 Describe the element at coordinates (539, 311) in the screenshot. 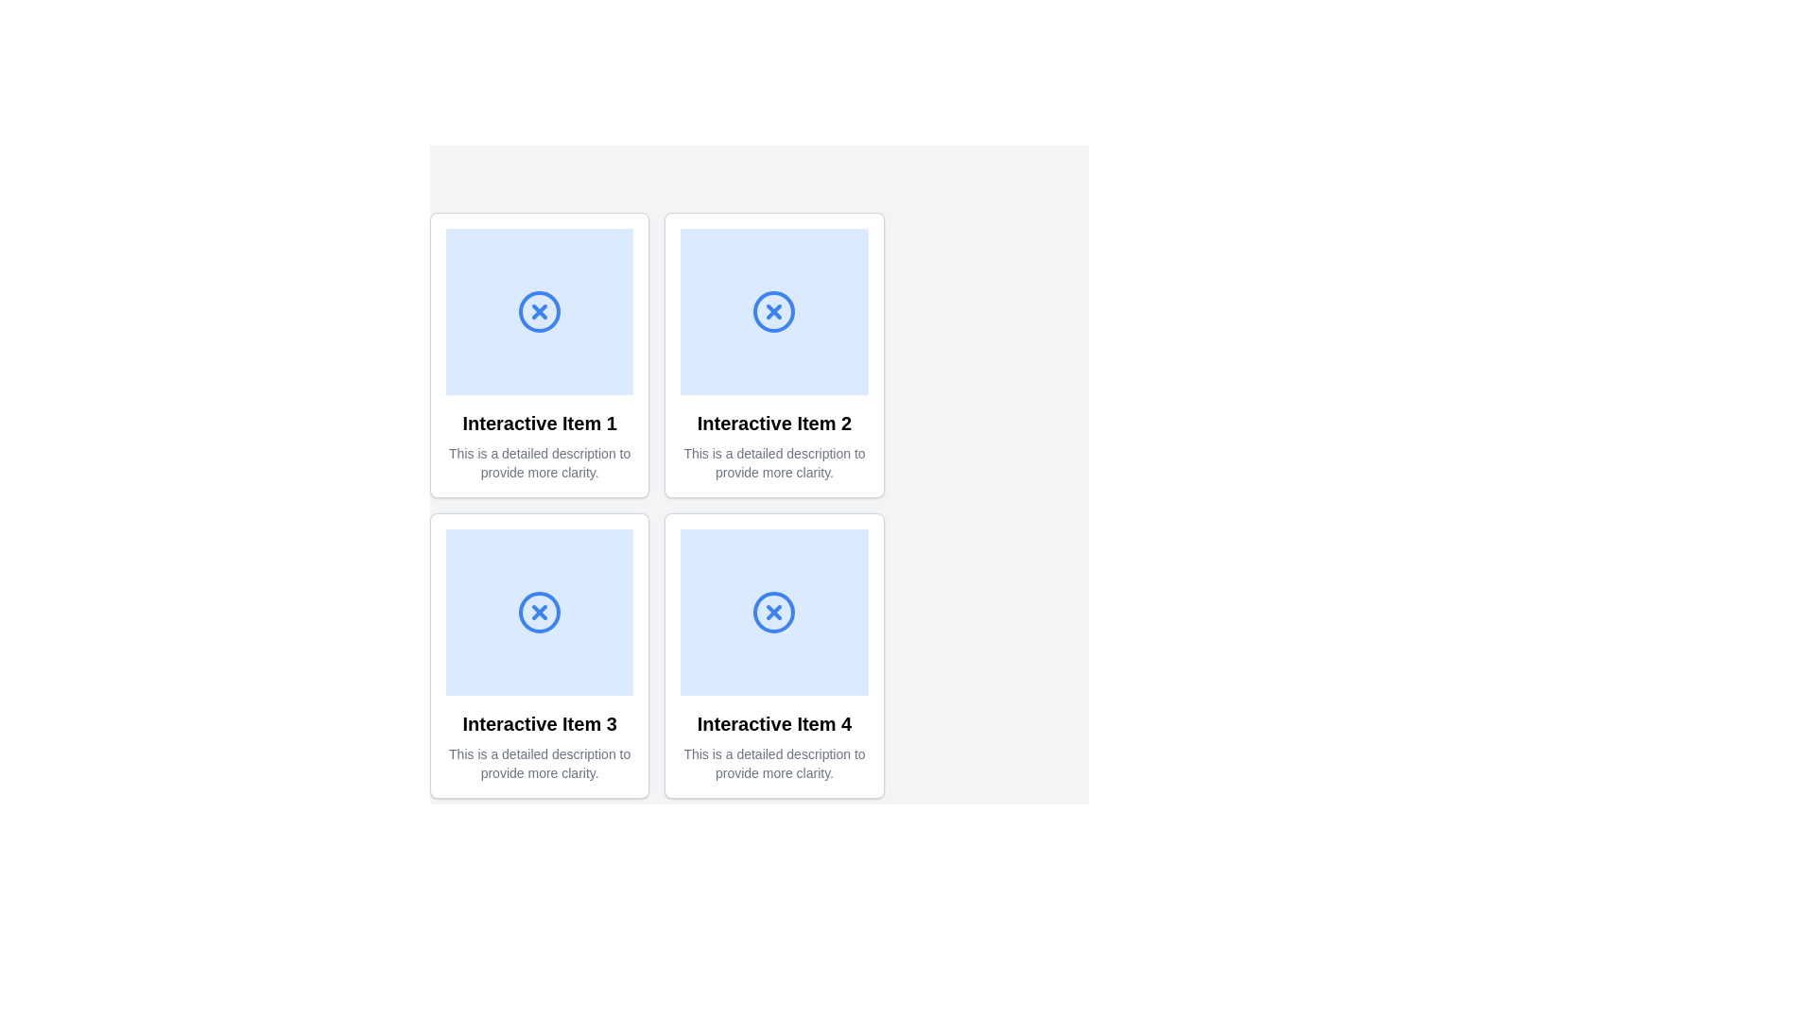

I see `the close button located in the center of the blue region of the 'Interactive Item 1' box` at that location.